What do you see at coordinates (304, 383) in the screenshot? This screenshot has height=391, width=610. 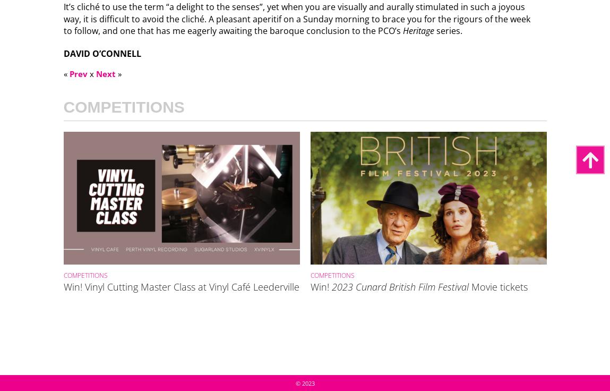 I see `'© 2023'` at bounding box center [304, 383].